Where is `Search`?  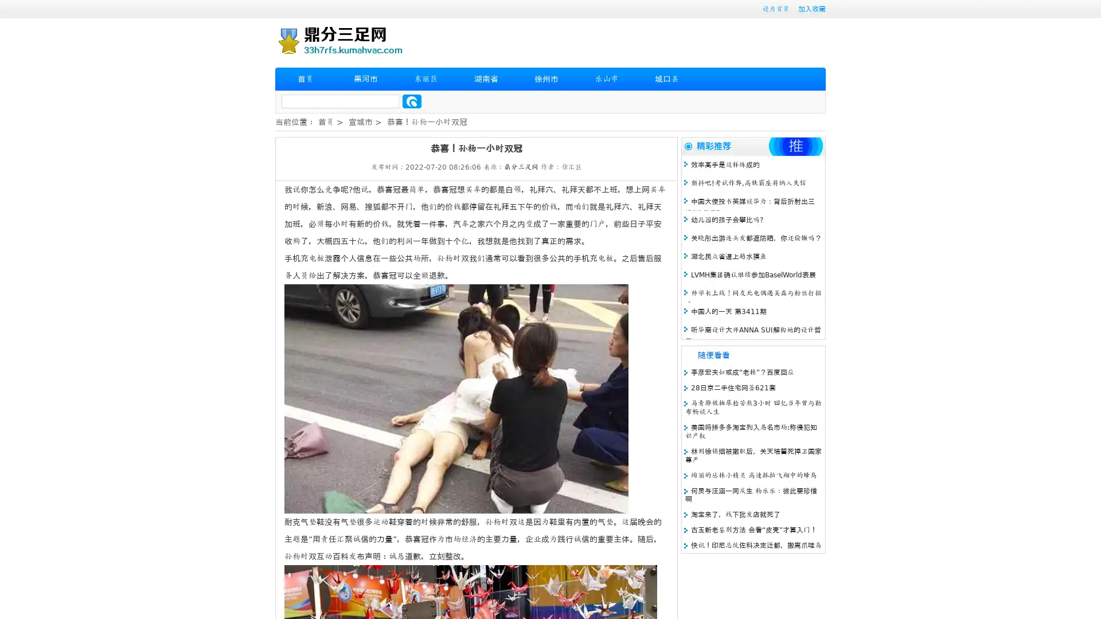 Search is located at coordinates (412, 101).